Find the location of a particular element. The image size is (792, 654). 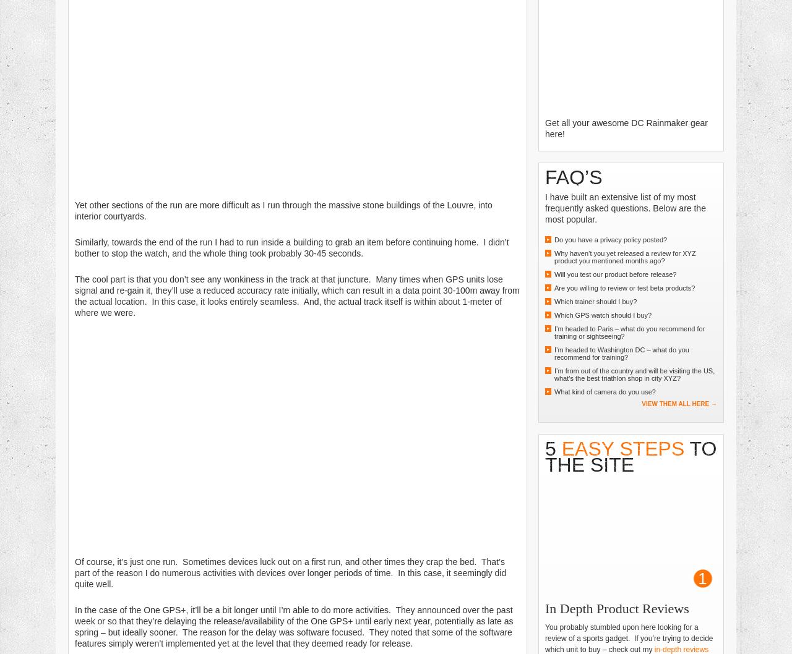

'1' is located at coordinates (702, 579).